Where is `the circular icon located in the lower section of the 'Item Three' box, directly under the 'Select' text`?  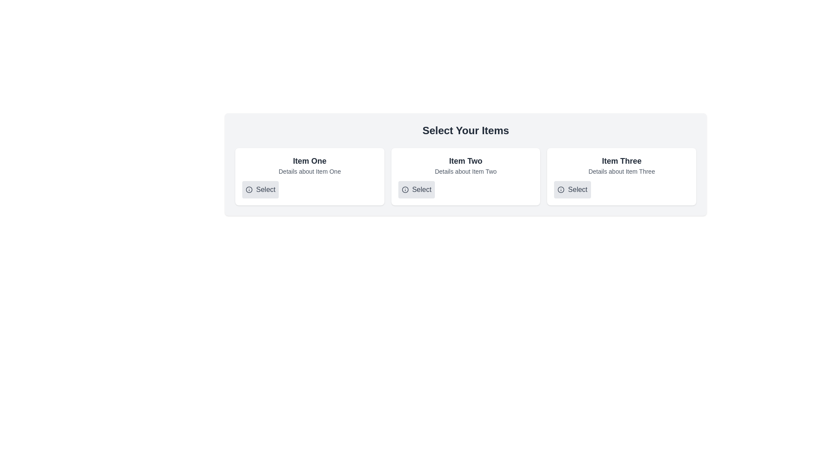
the circular icon located in the lower section of the 'Item Three' box, directly under the 'Select' text is located at coordinates (561, 189).